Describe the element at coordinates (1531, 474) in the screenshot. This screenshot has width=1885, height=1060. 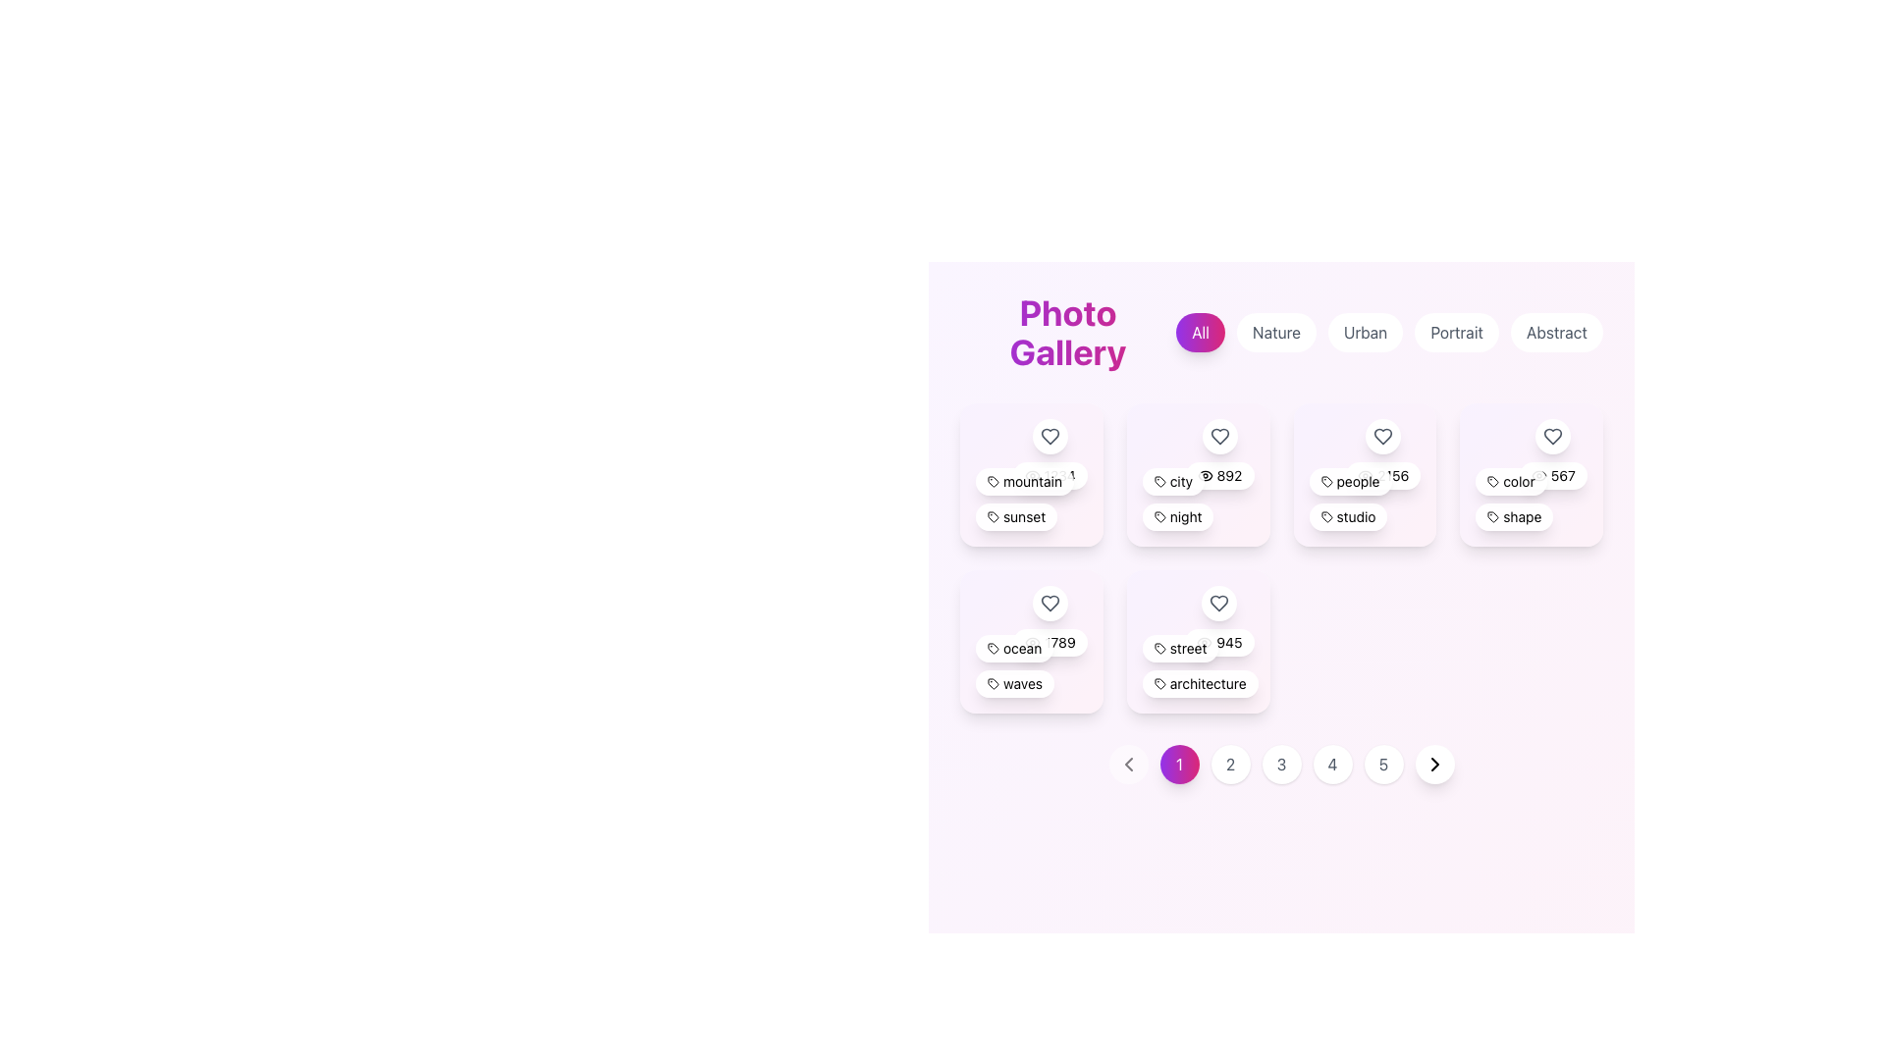
I see `the Content card located on the far right of the fourth row in a grid layout, which features a white heart icon, a label for 'color' with a count of '567', and another label for 'shape'` at that location.